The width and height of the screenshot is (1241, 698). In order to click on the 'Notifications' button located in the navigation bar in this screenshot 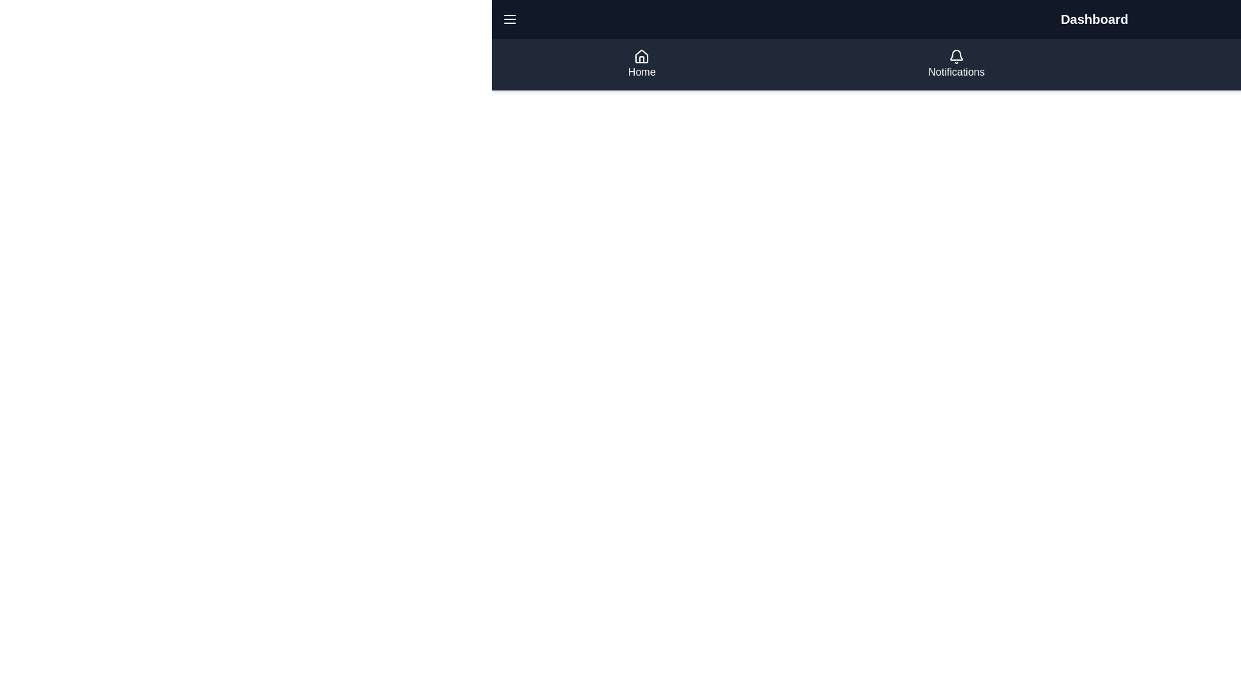, I will do `click(956, 65)`.